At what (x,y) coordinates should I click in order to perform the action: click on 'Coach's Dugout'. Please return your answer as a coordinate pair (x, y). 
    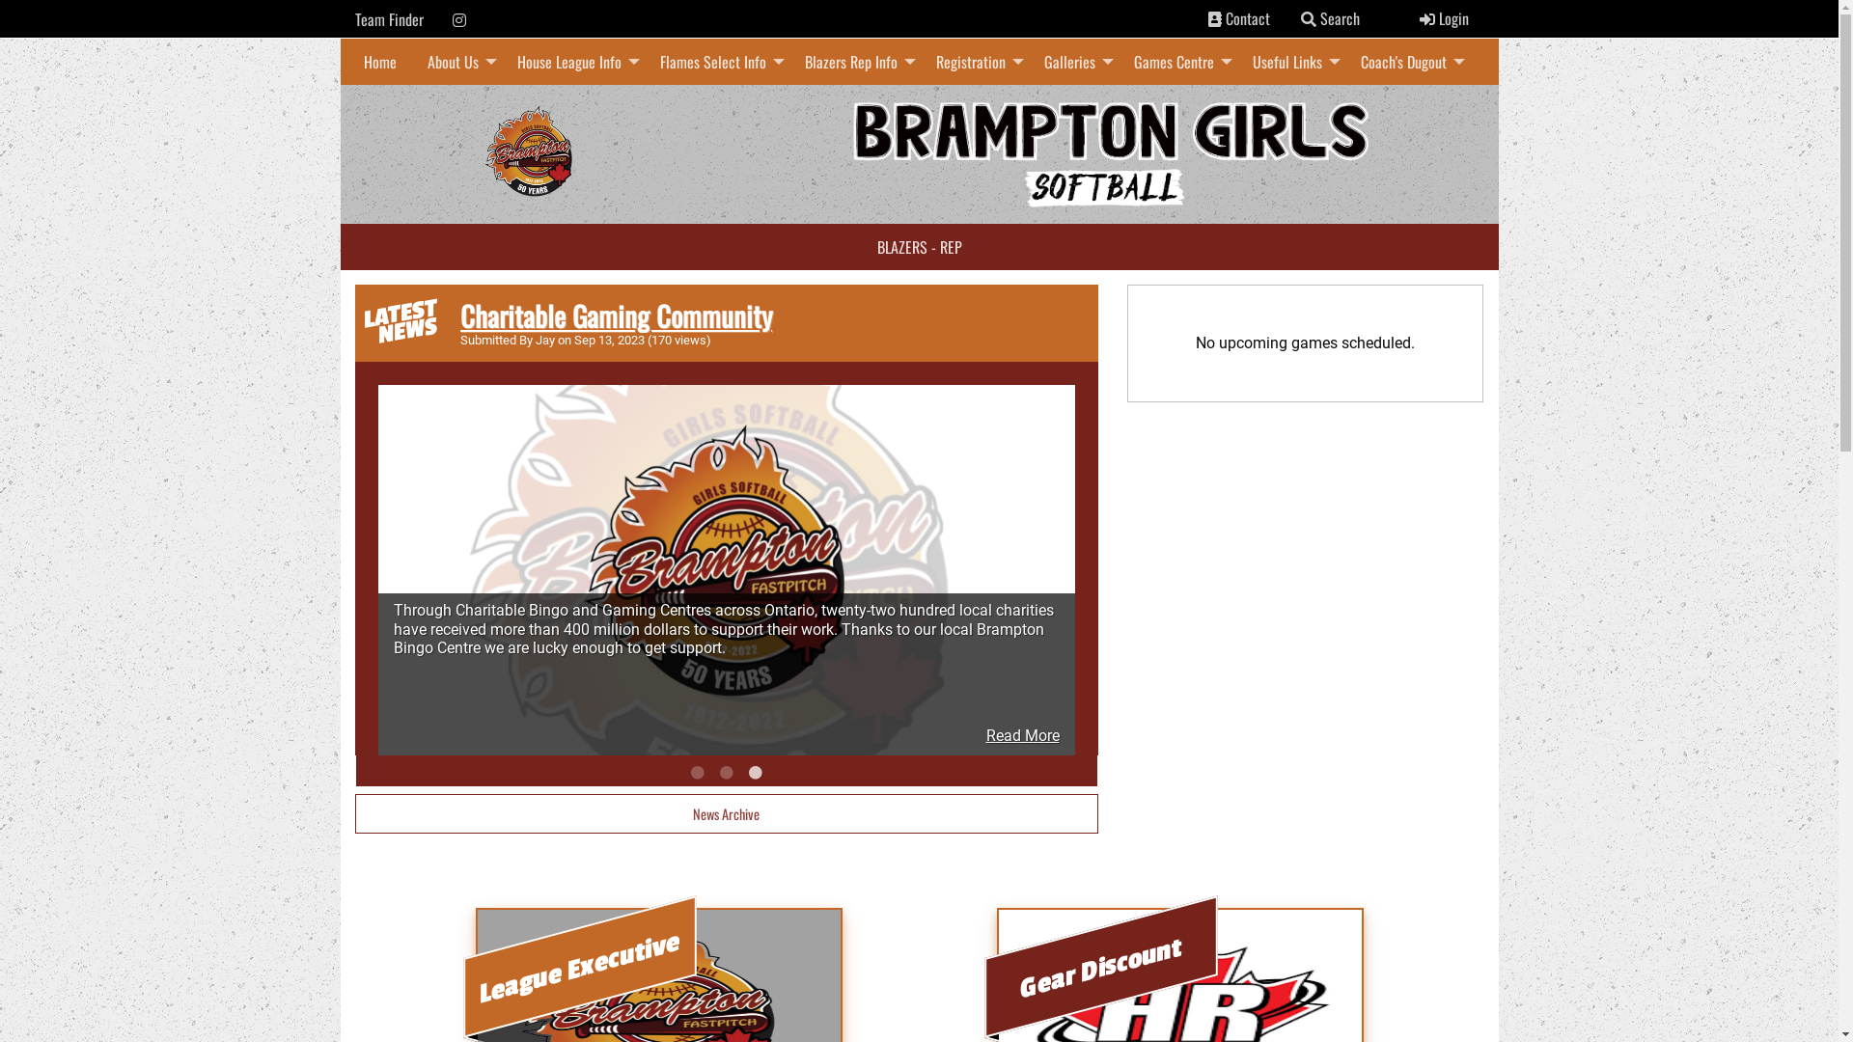
    Looking at the image, I should click on (1407, 61).